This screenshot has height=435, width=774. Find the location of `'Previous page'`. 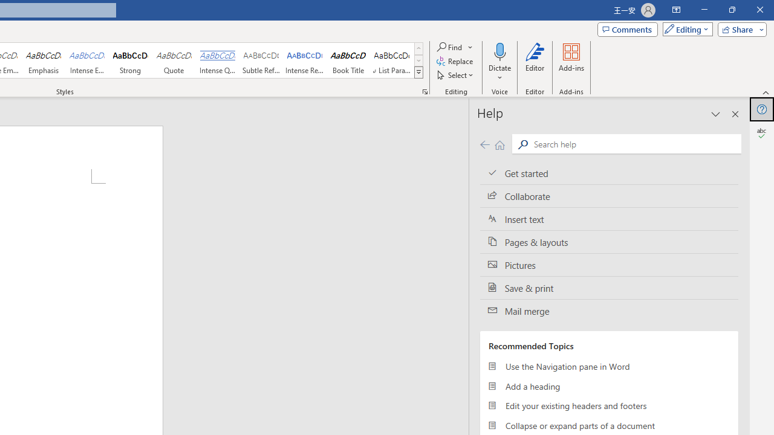

'Previous page' is located at coordinates (484, 144).